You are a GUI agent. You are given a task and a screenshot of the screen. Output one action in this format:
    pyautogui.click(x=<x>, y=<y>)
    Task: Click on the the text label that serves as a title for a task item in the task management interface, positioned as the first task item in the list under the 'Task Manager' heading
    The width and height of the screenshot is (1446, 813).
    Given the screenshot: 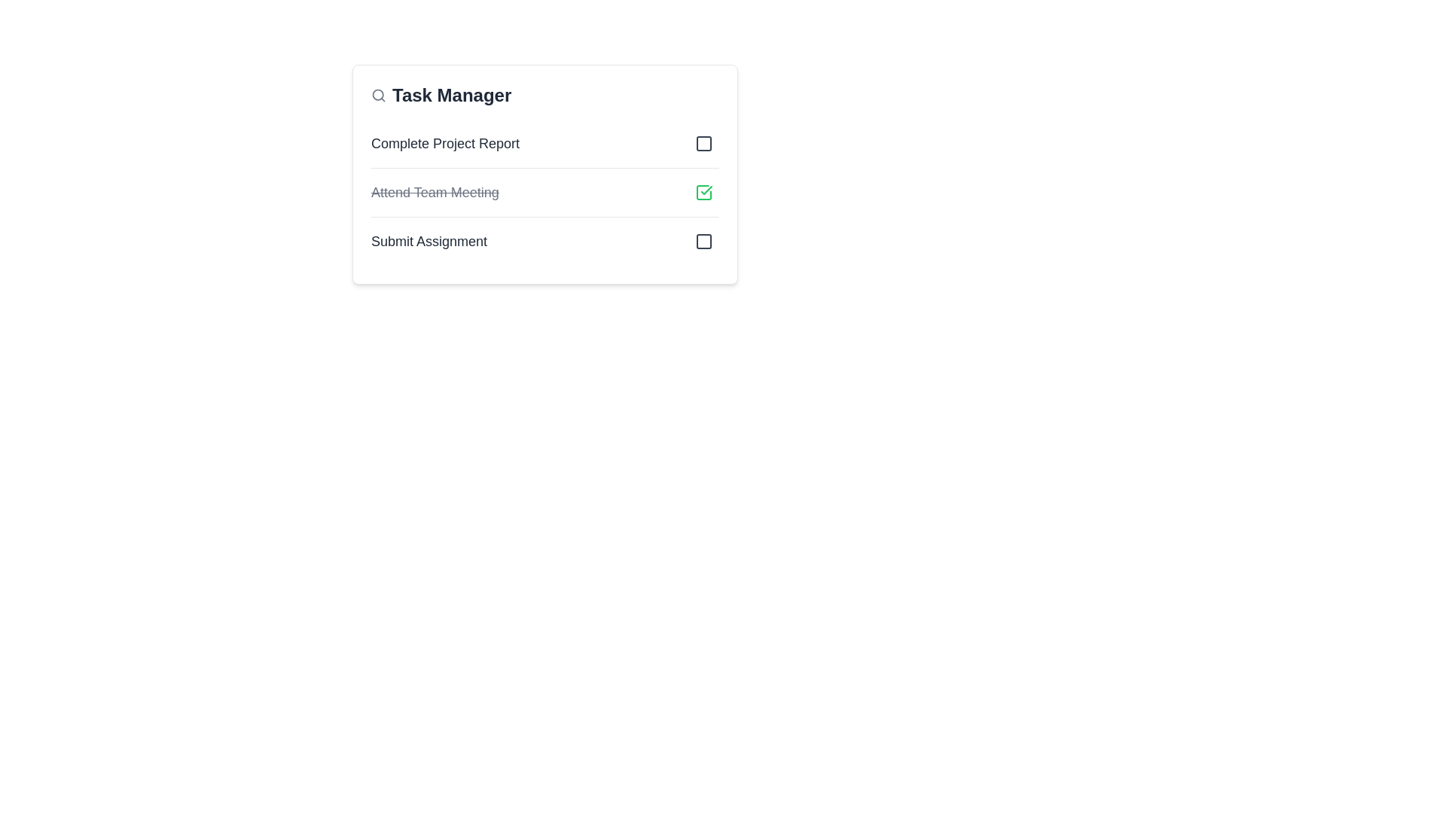 What is the action you would take?
    pyautogui.click(x=444, y=144)
    